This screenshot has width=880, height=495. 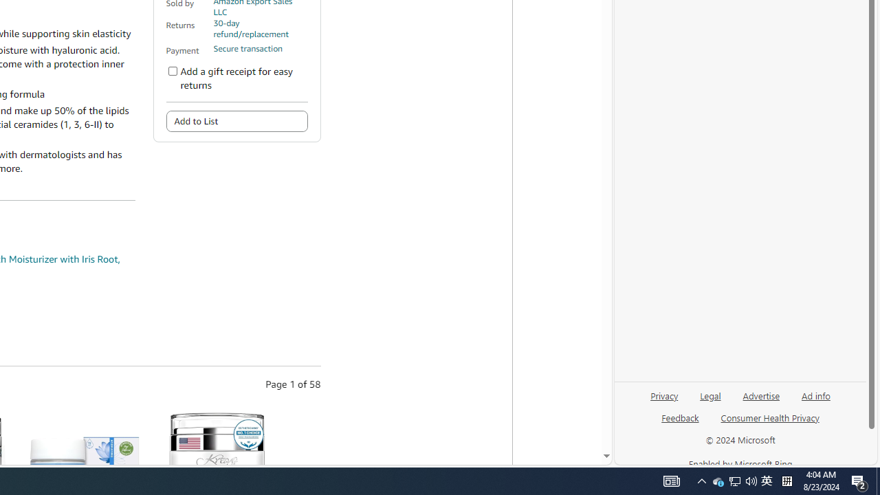 What do you see at coordinates (710, 395) in the screenshot?
I see `'Legal'` at bounding box center [710, 395].